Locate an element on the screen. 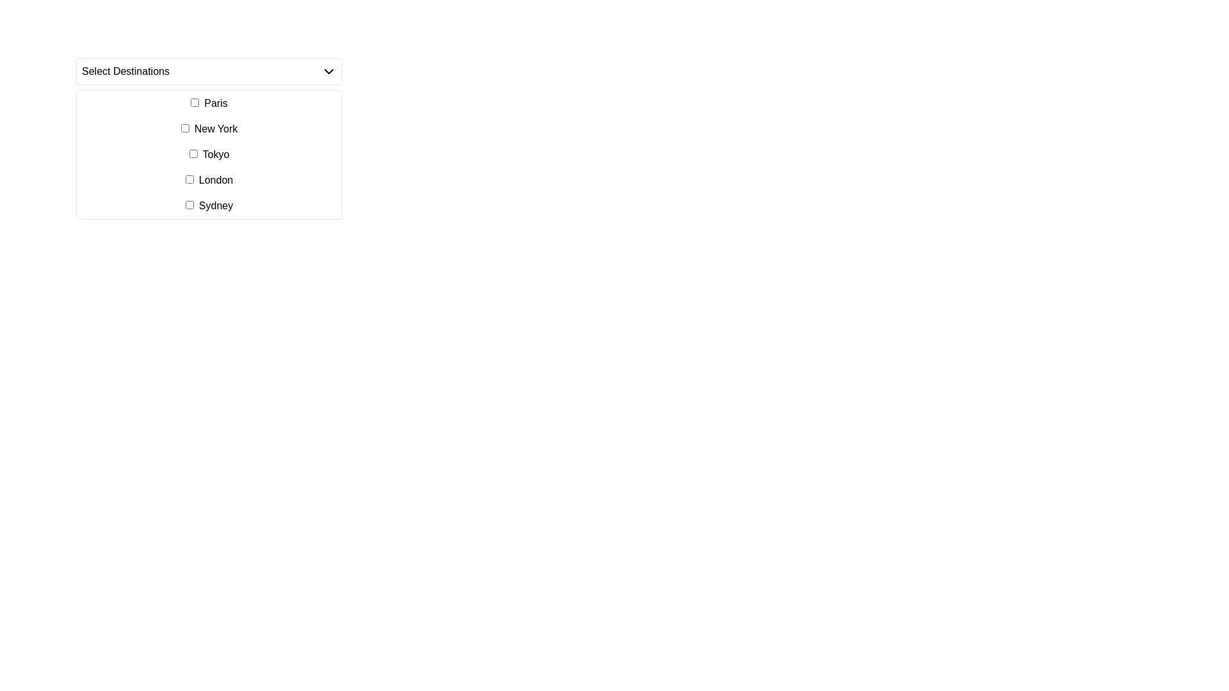 This screenshot has width=1229, height=691. the first checkbox in the list for 'Select Destinations' that precedes the label 'Paris' by navigating to its center point is located at coordinates (194, 102).